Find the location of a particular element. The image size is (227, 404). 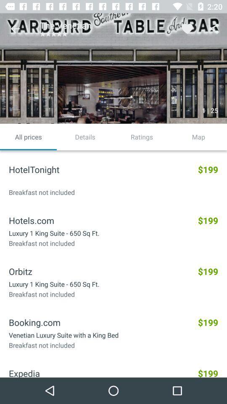

the icon to the right of the all prices icon is located at coordinates (85, 137).